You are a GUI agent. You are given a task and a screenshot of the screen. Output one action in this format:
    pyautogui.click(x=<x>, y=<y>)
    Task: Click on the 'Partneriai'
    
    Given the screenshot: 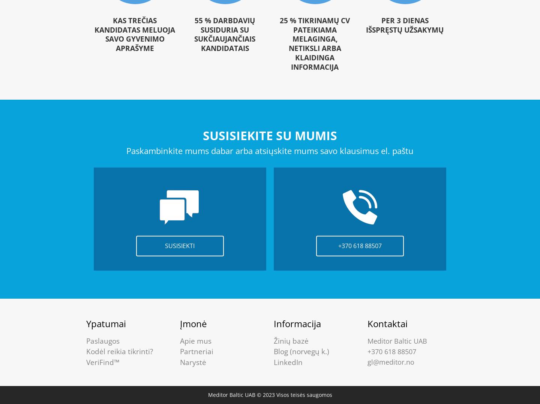 What is the action you would take?
    pyautogui.click(x=196, y=351)
    